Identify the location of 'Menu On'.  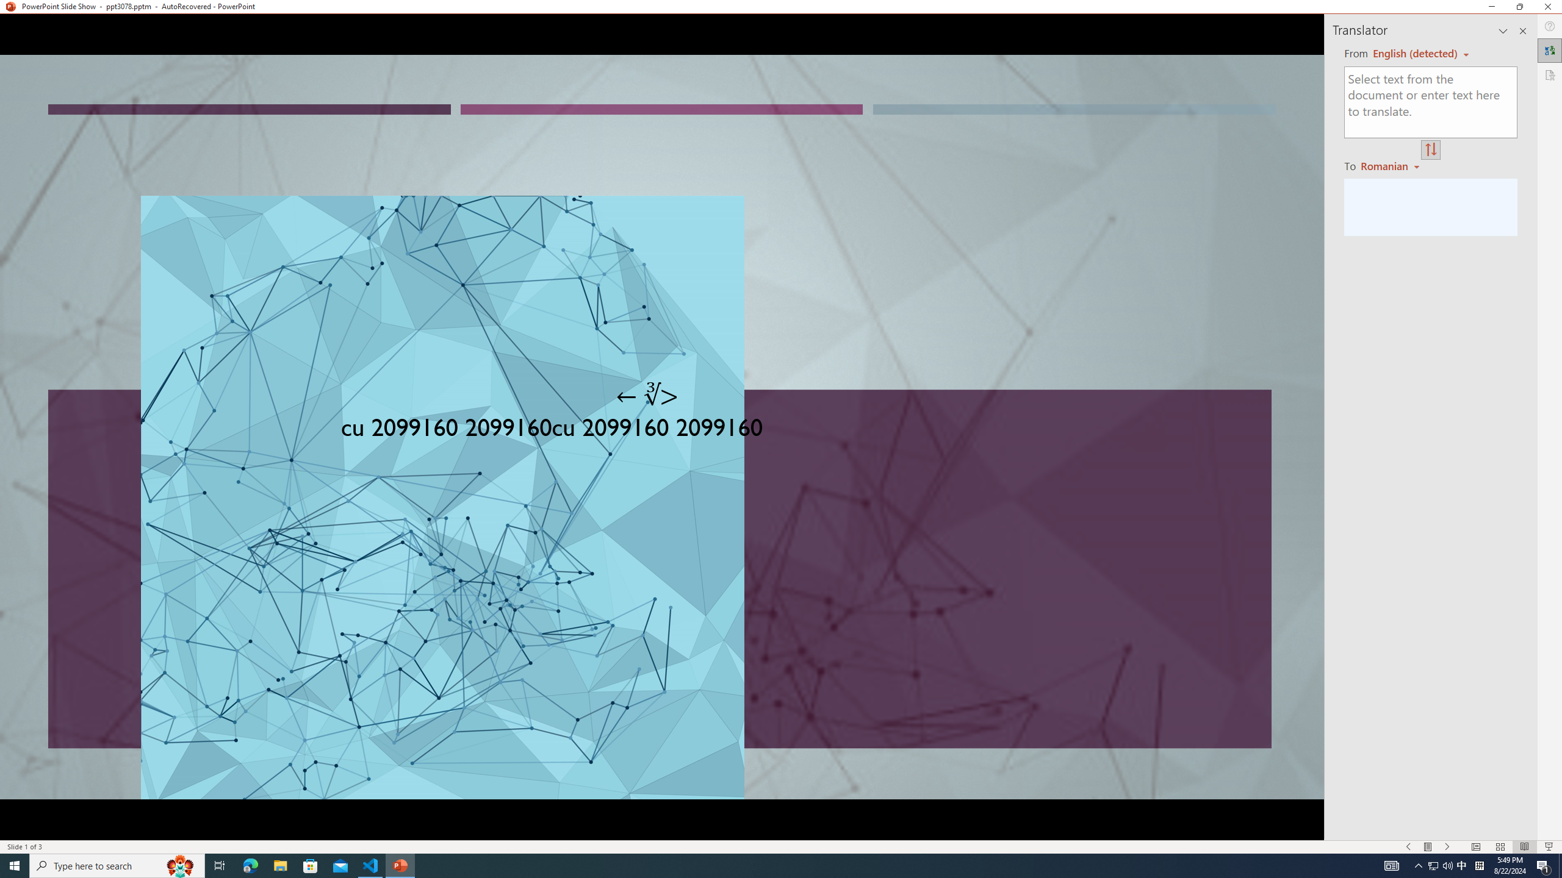
(1428, 847).